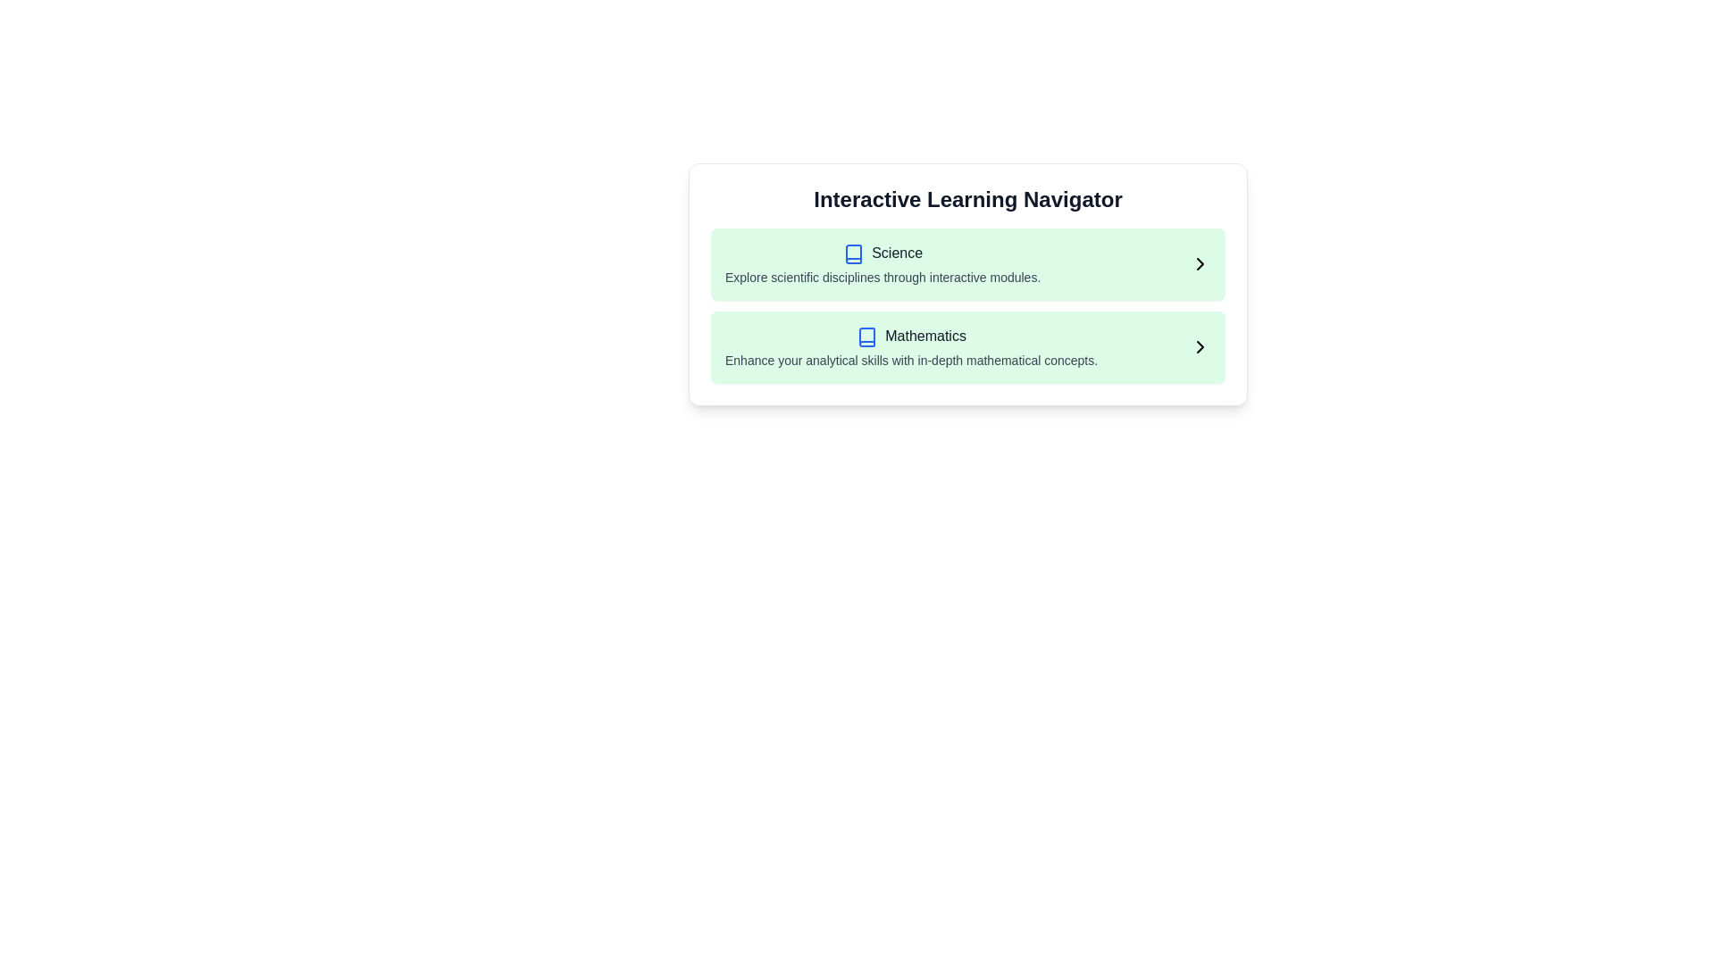 The image size is (1715, 964). Describe the element at coordinates (925, 336) in the screenshot. I see `the 'Mathematics' text label, which is a bold, dark gray label located in a green background section, positioned below the 'Science' title and alongside a blue book icon` at that location.